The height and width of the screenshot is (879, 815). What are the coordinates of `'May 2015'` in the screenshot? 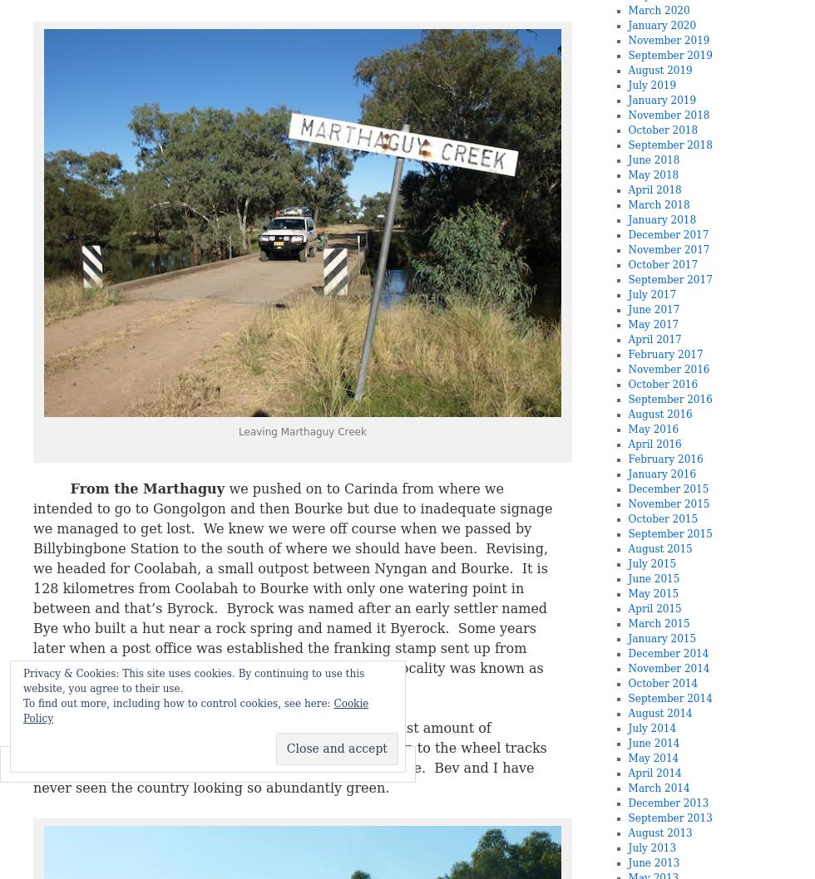 It's located at (653, 593).